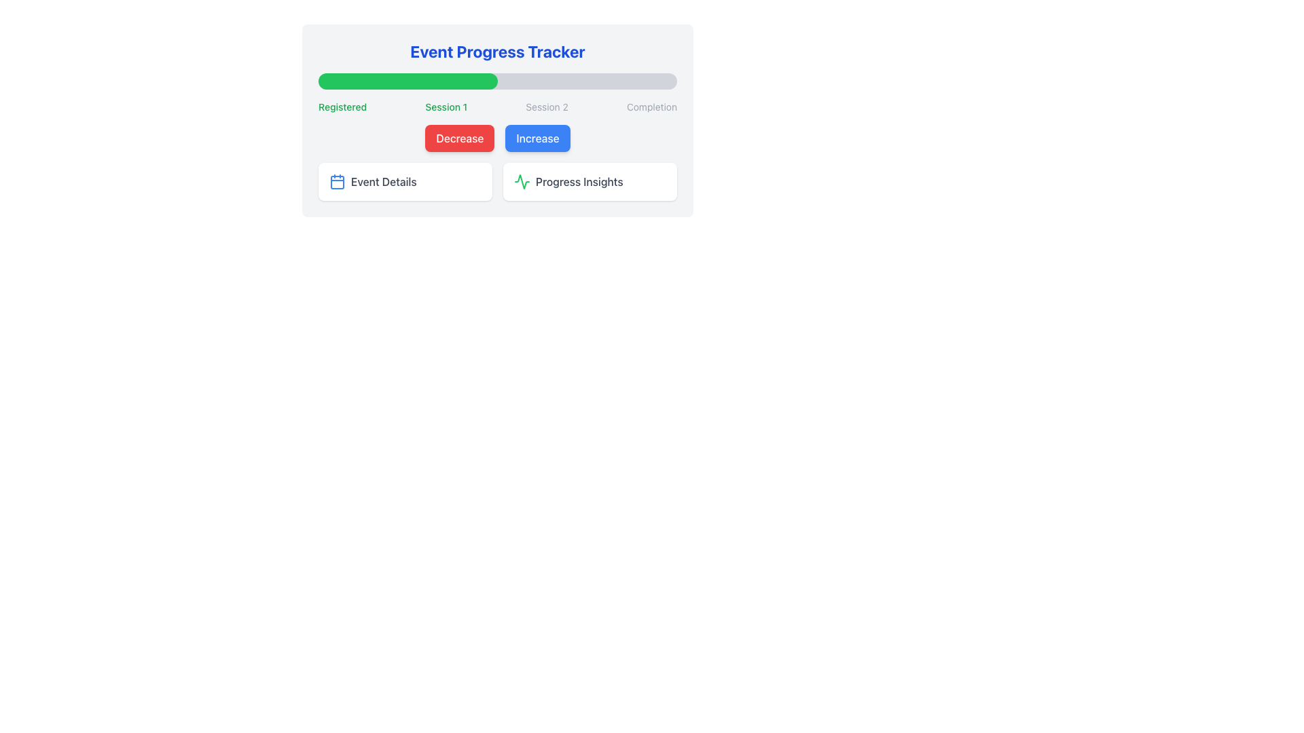  What do you see at coordinates (338, 182) in the screenshot?
I see `the calendar icon element that represents a day within the 'Event Details' button functionality` at bounding box center [338, 182].